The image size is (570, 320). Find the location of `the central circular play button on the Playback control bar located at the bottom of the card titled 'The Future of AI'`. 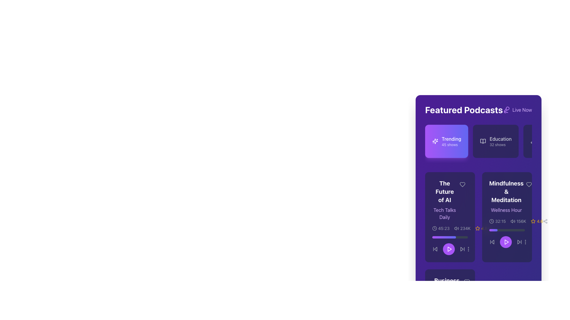

the central circular play button on the Playback control bar located at the bottom of the card titled 'The Future of AI' is located at coordinates (450, 246).